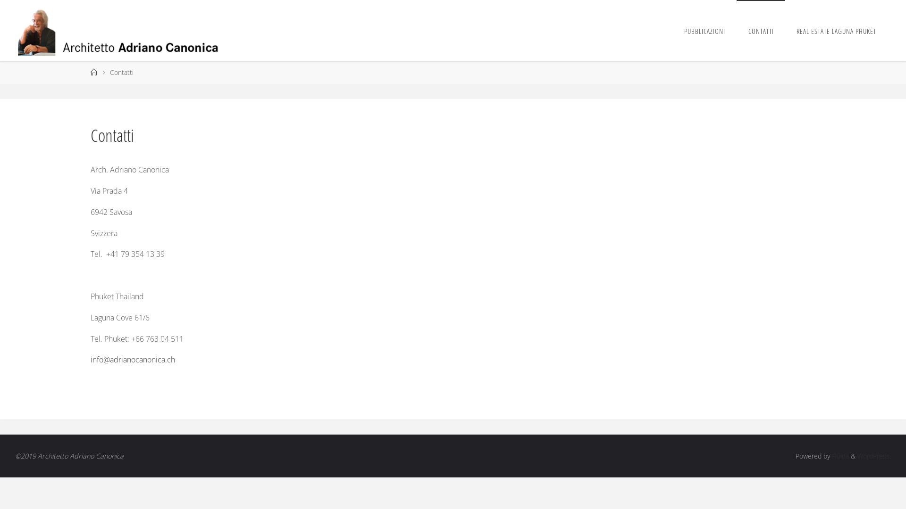  What do you see at coordinates (873, 455) in the screenshot?
I see `'WordPress.'` at bounding box center [873, 455].